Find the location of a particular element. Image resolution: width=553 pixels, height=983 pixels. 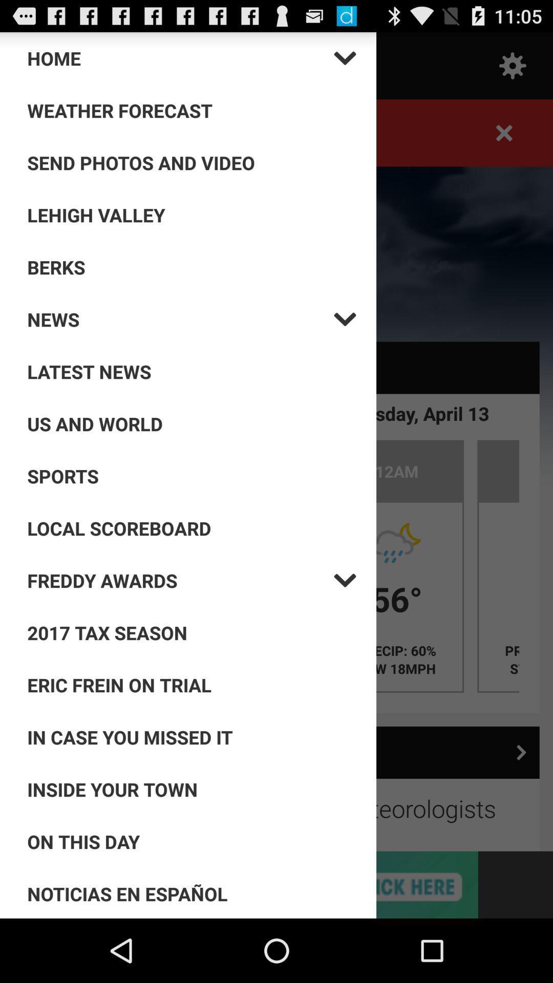

the button below lehigh valley is located at coordinates (192, 267).